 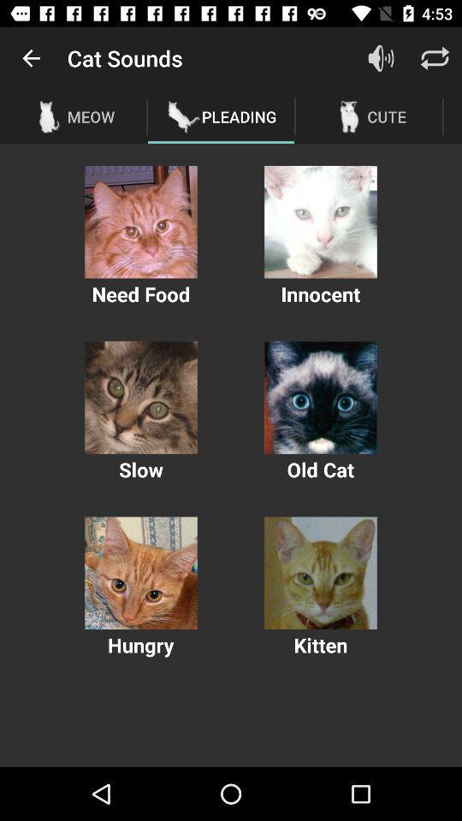 I want to click on choose kitten, so click(x=320, y=573).